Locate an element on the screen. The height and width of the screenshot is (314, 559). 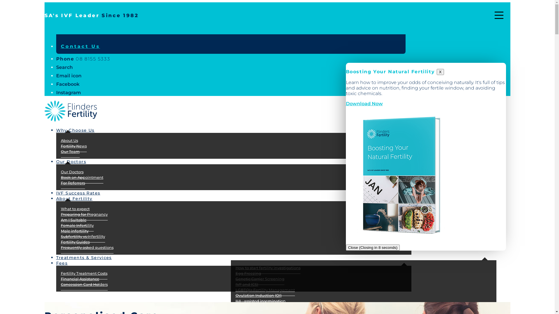
'Search' is located at coordinates (64, 67).